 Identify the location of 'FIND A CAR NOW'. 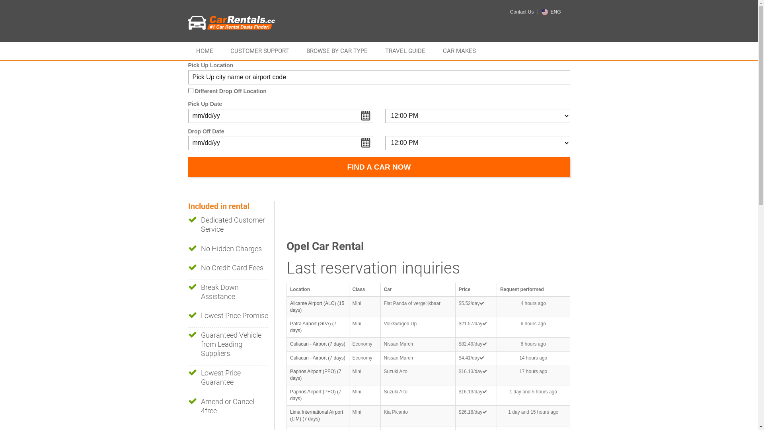
(378, 167).